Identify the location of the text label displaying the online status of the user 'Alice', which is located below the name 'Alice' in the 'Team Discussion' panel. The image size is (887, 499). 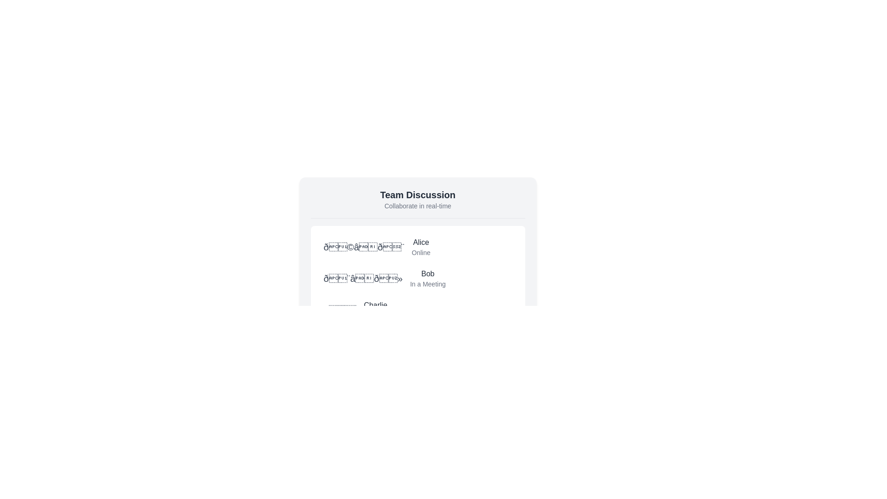
(420, 253).